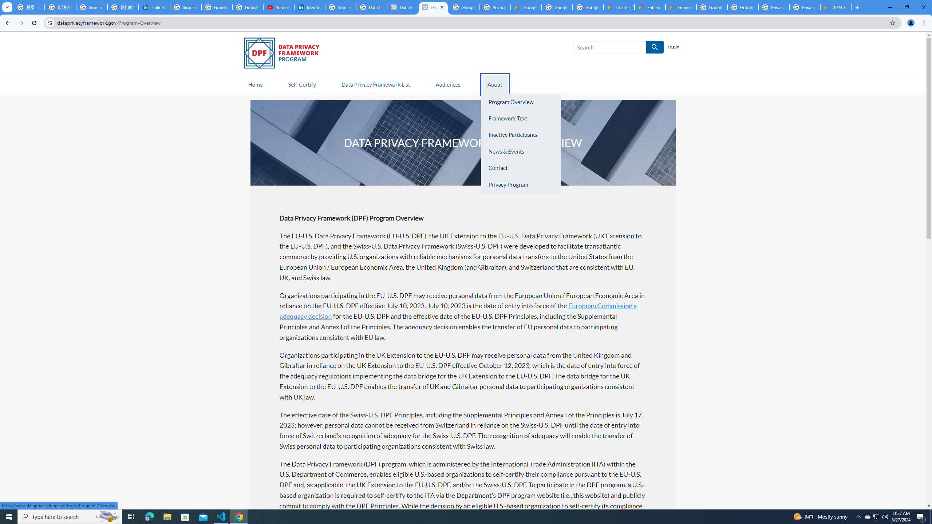 The height and width of the screenshot is (524, 932). I want to click on 'Framework Text', so click(521, 118).